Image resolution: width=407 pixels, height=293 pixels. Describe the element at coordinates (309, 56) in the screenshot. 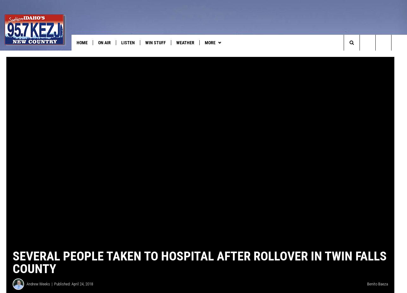

I see `'Anniversary Club'` at that location.